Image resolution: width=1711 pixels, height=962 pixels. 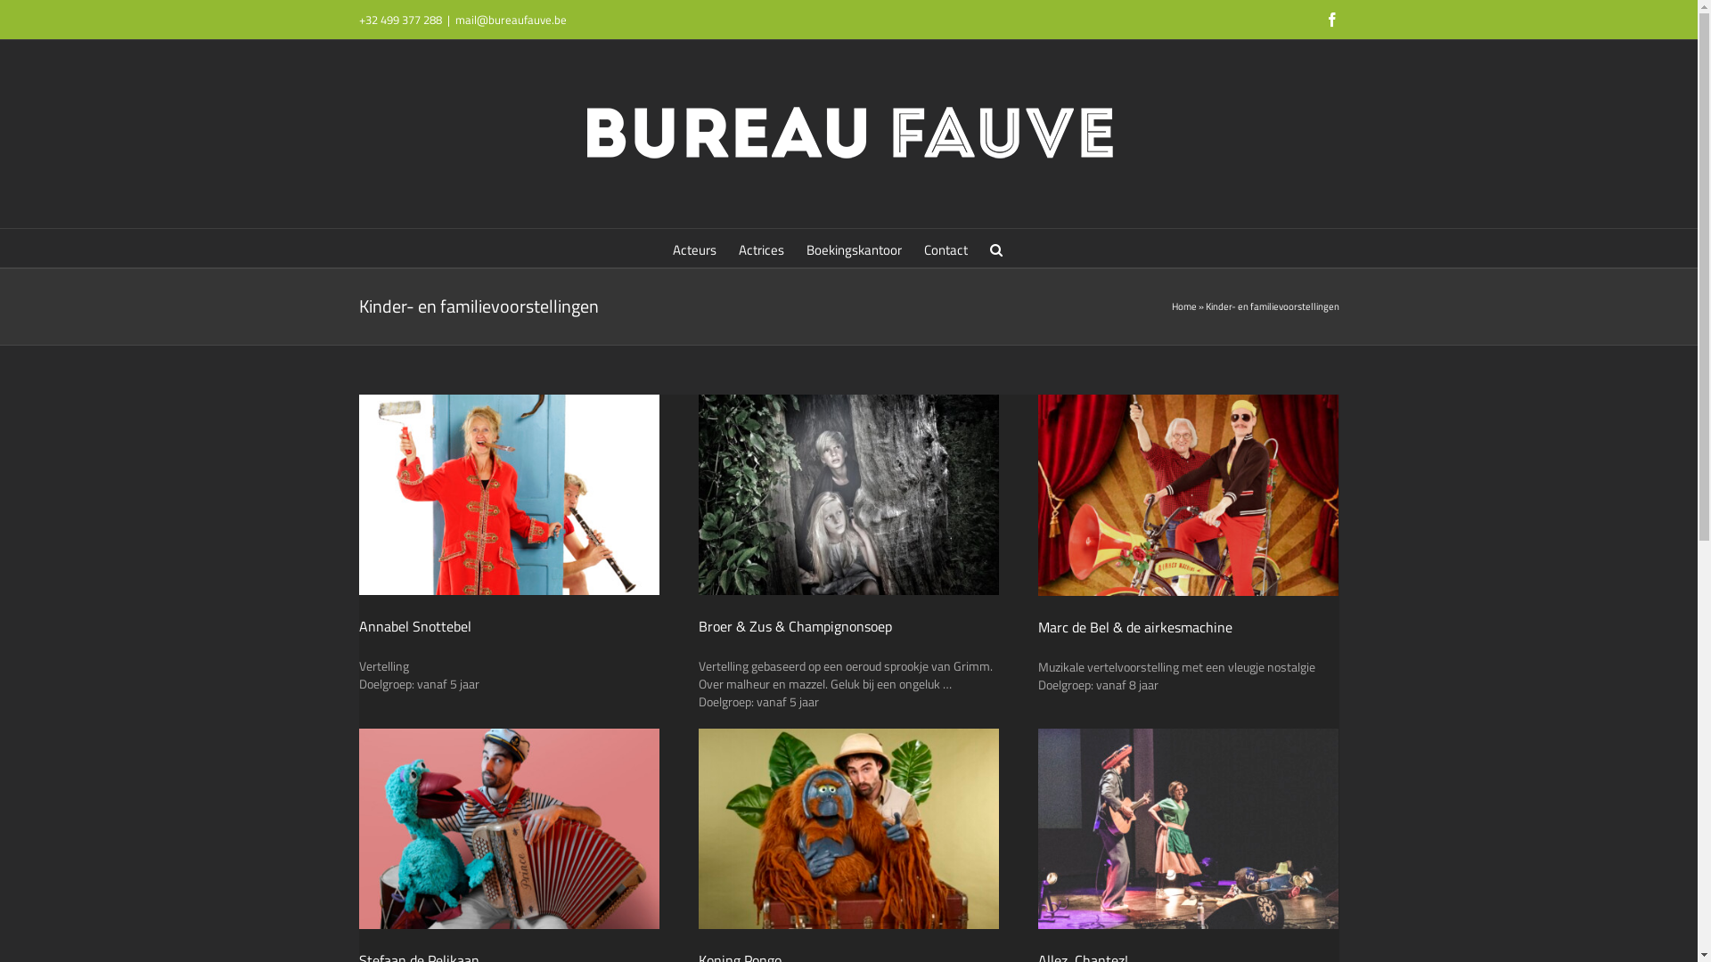 What do you see at coordinates (853, 248) in the screenshot?
I see `'Boekingskantoor'` at bounding box center [853, 248].